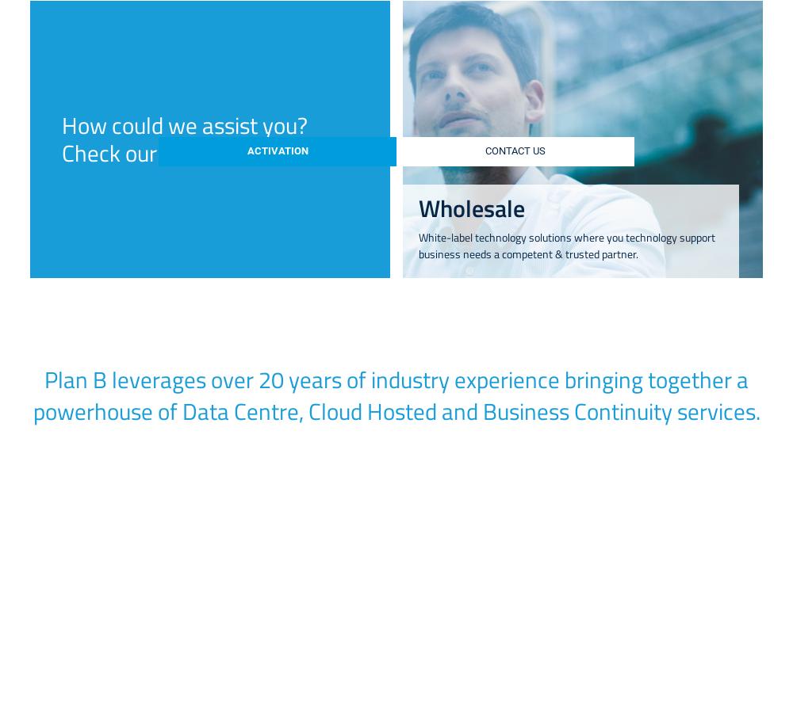 Image resolution: width=793 pixels, height=709 pixels. I want to click on 'CONTACT US', so click(515, 151).